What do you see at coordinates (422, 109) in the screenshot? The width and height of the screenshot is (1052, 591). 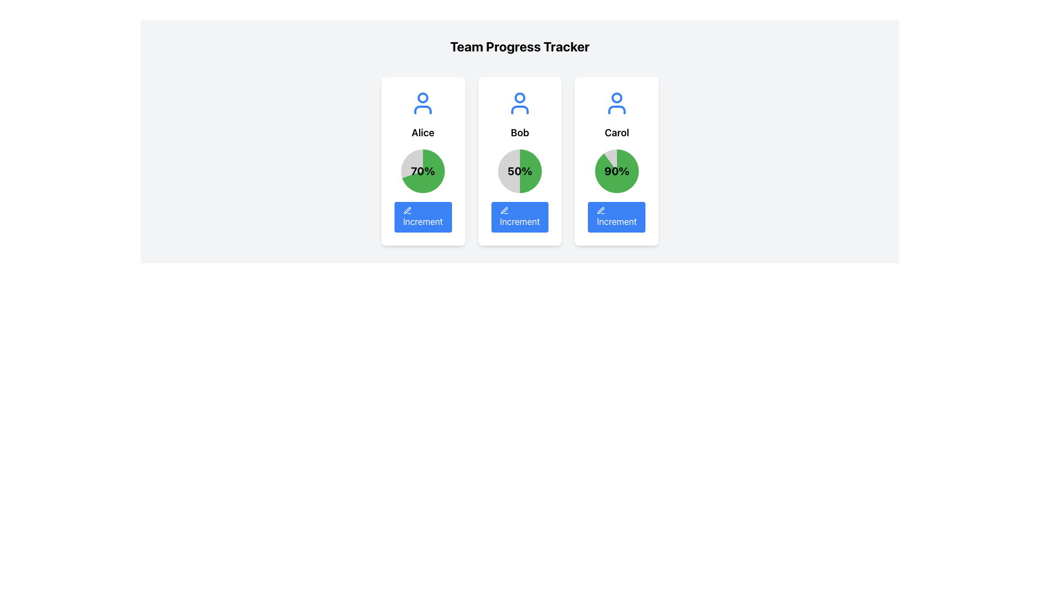 I see `the bottom portion of the SVG icon representing a person, located at the top of Alice's progress card` at bounding box center [422, 109].